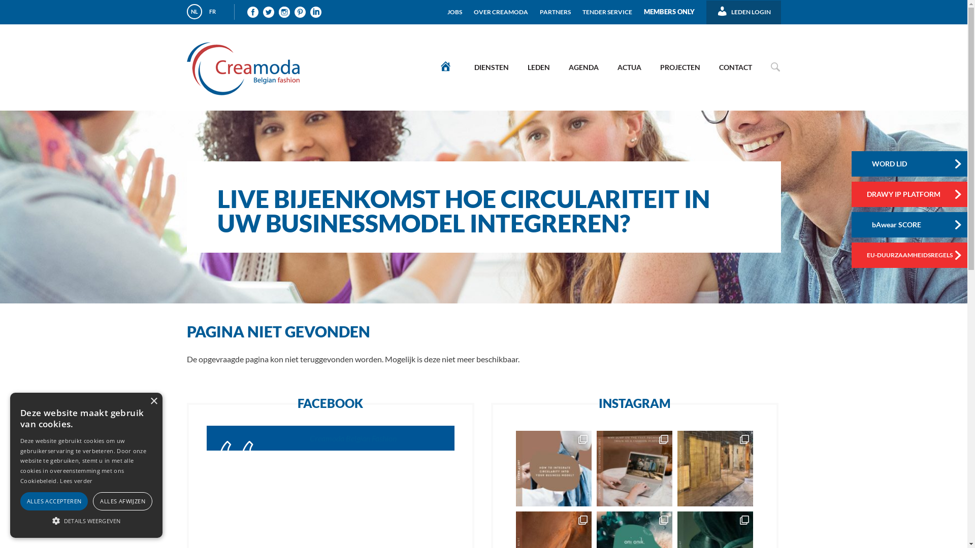 The width and height of the screenshot is (975, 548). What do you see at coordinates (194, 12) in the screenshot?
I see `'NL'` at bounding box center [194, 12].